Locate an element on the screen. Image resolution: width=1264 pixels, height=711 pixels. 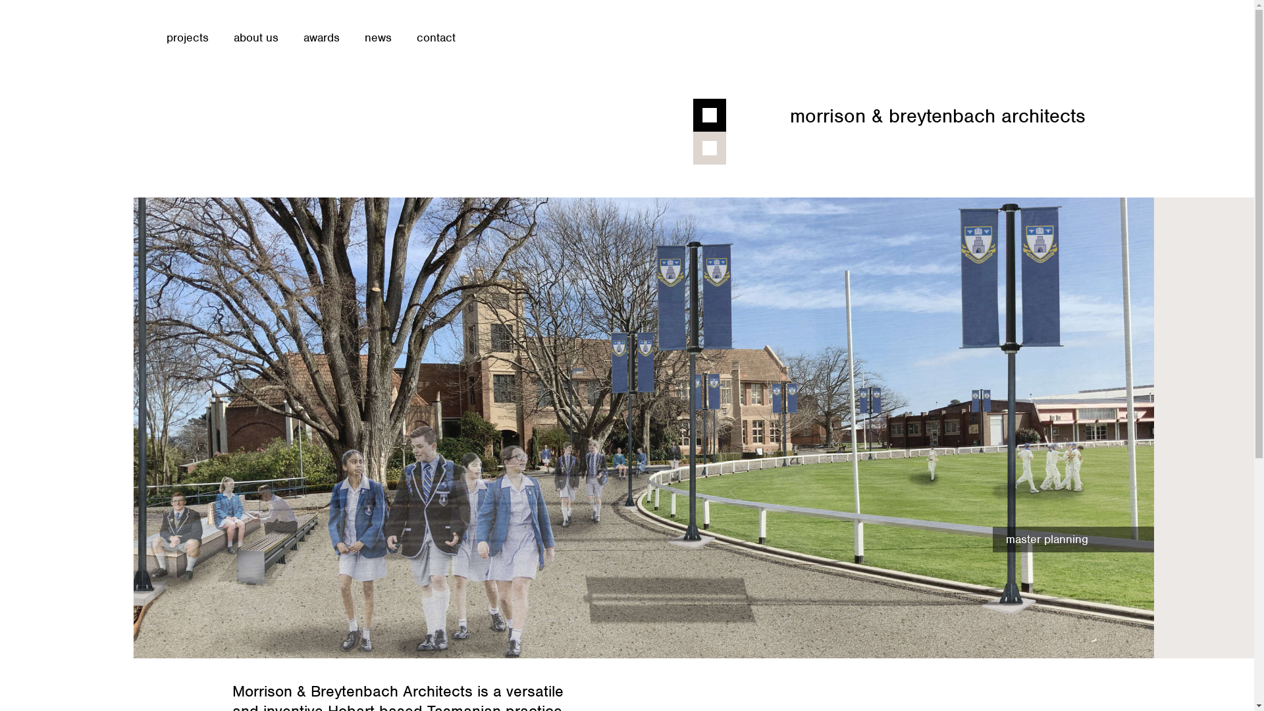
'projects' is located at coordinates (186, 37).